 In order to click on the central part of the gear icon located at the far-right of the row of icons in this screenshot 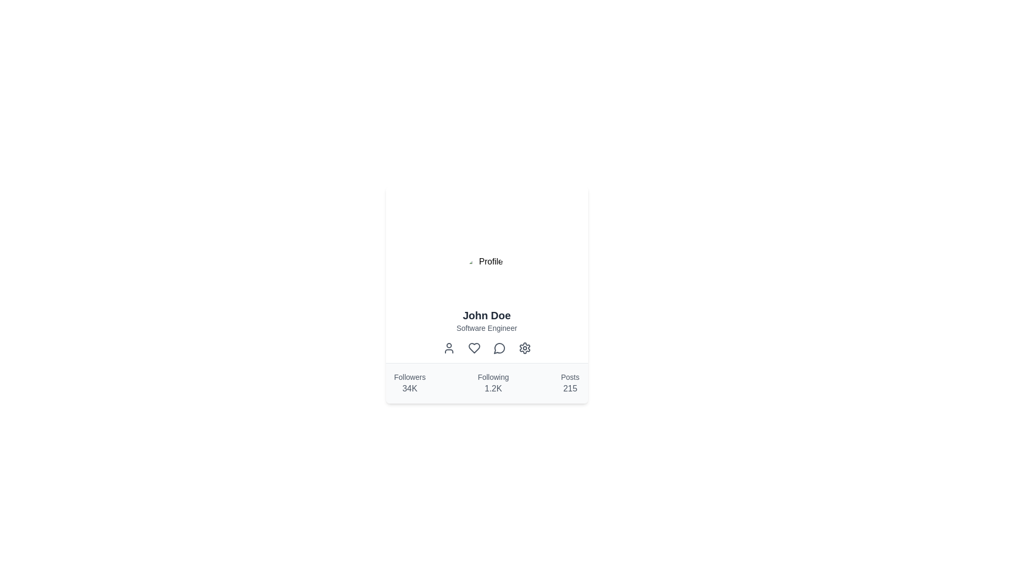, I will do `click(524, 348)`.